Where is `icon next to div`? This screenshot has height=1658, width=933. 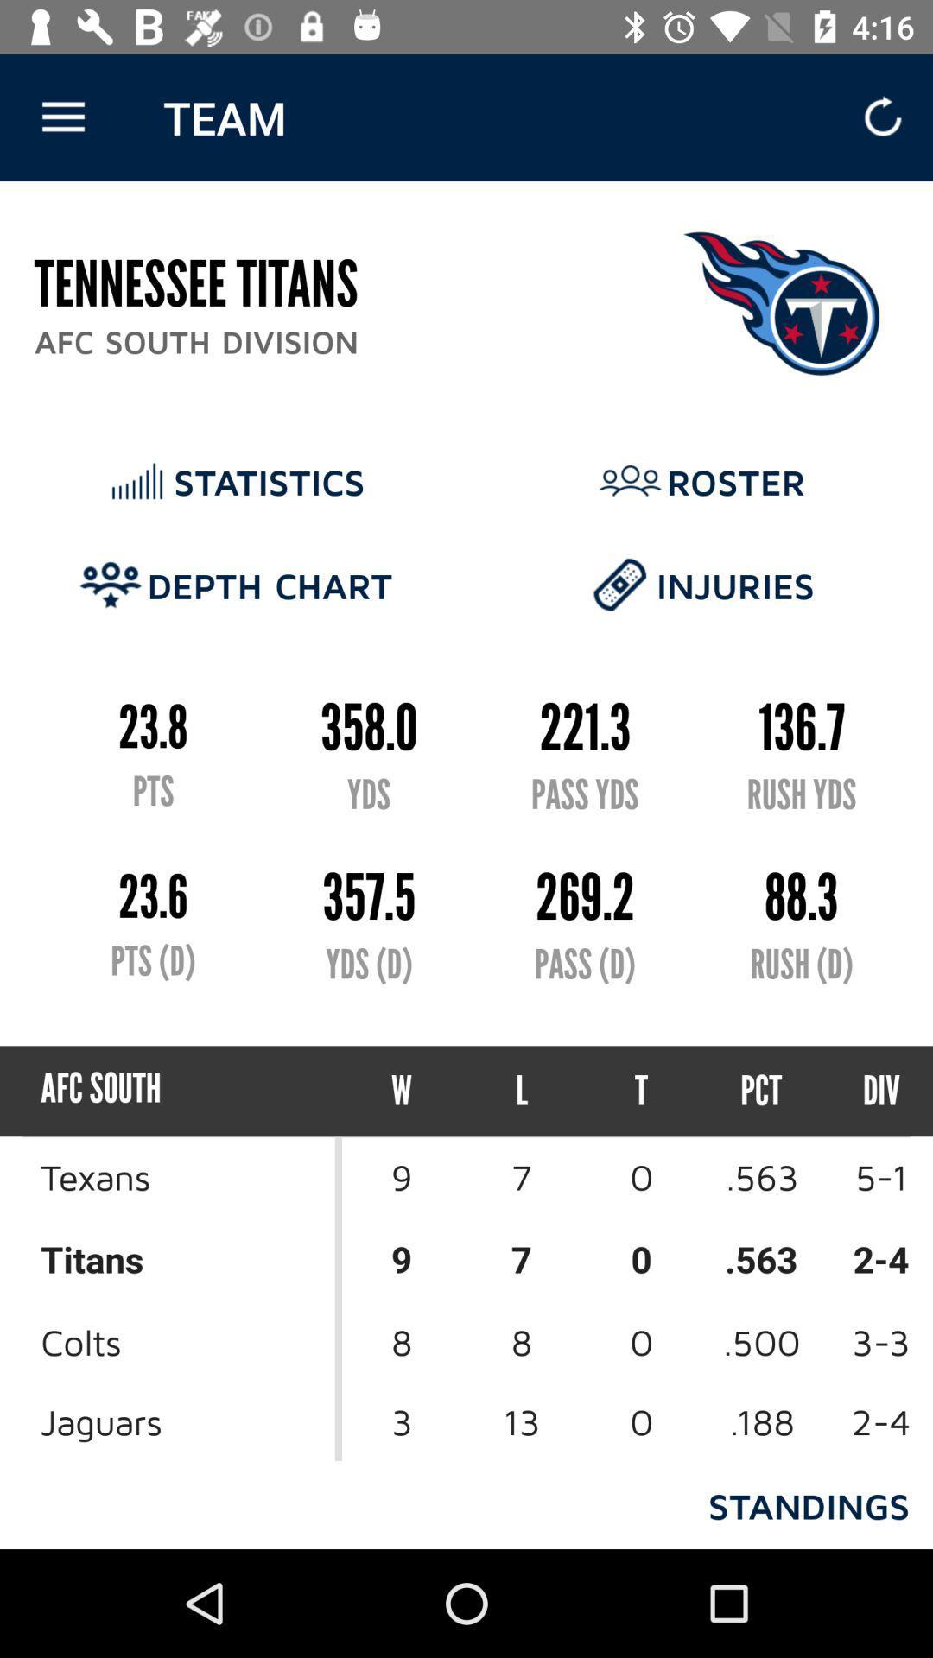 icon next to div is located at coordinates (760, 1090).